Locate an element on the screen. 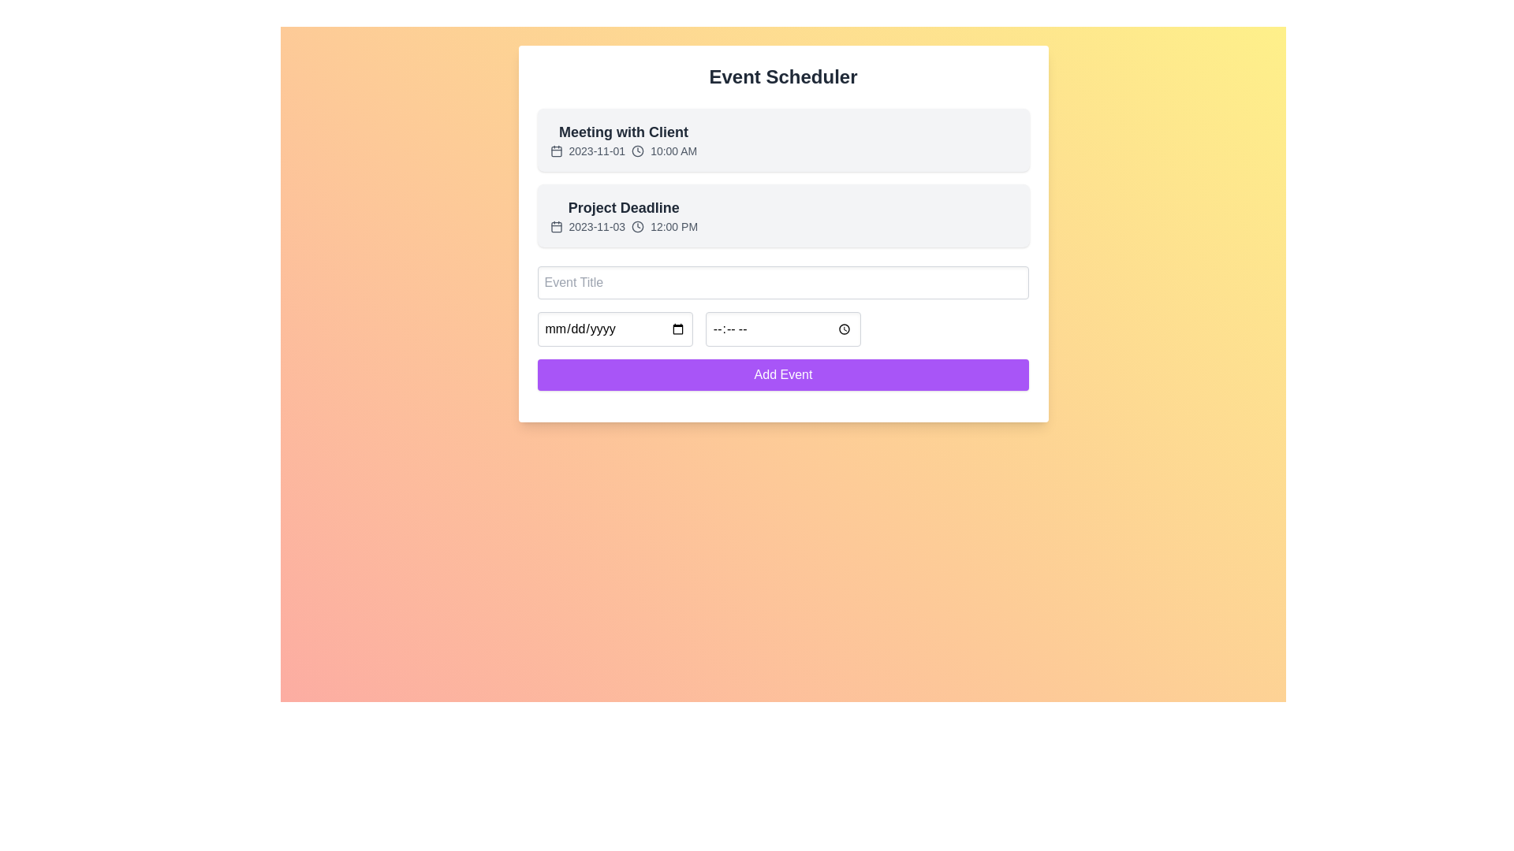 This screenshot has height=851, width=1514. the calendar icon in the 'Event Scheduler' interface, located near the top-left corner of the 'Meeting with Client' section is located at coordinates (556, 151).